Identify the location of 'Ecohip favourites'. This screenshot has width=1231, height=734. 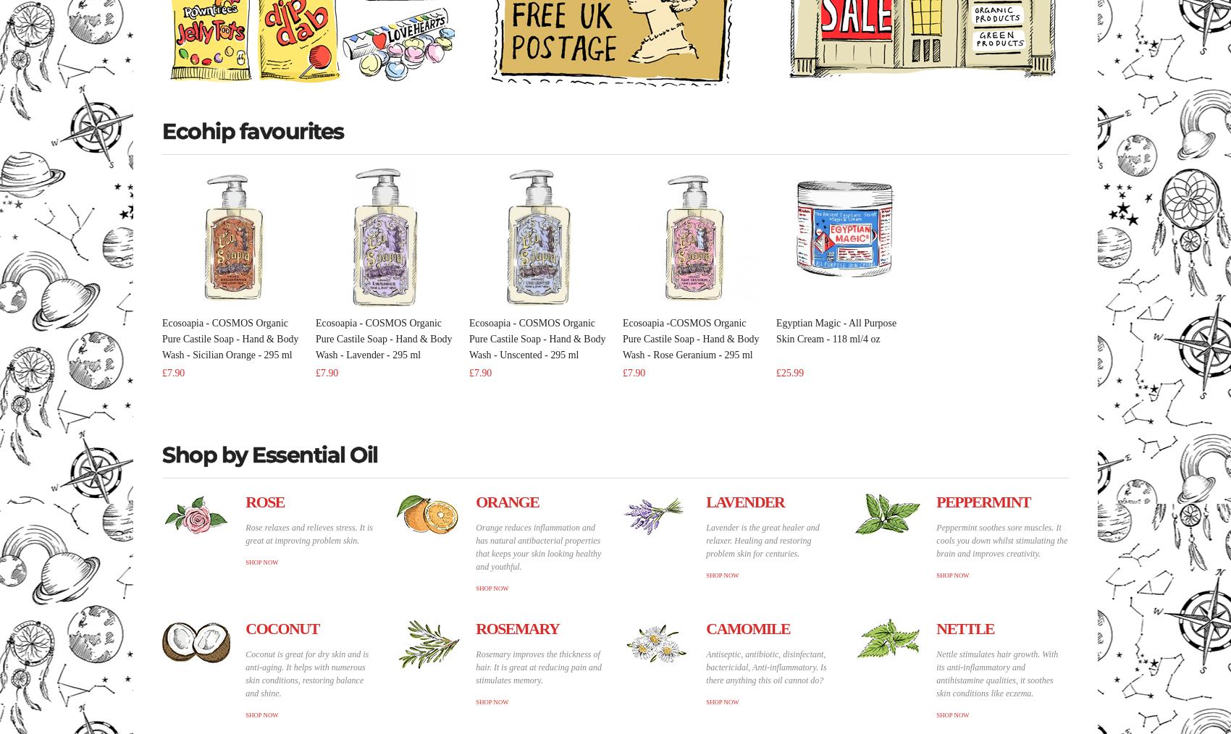
(252, 130).